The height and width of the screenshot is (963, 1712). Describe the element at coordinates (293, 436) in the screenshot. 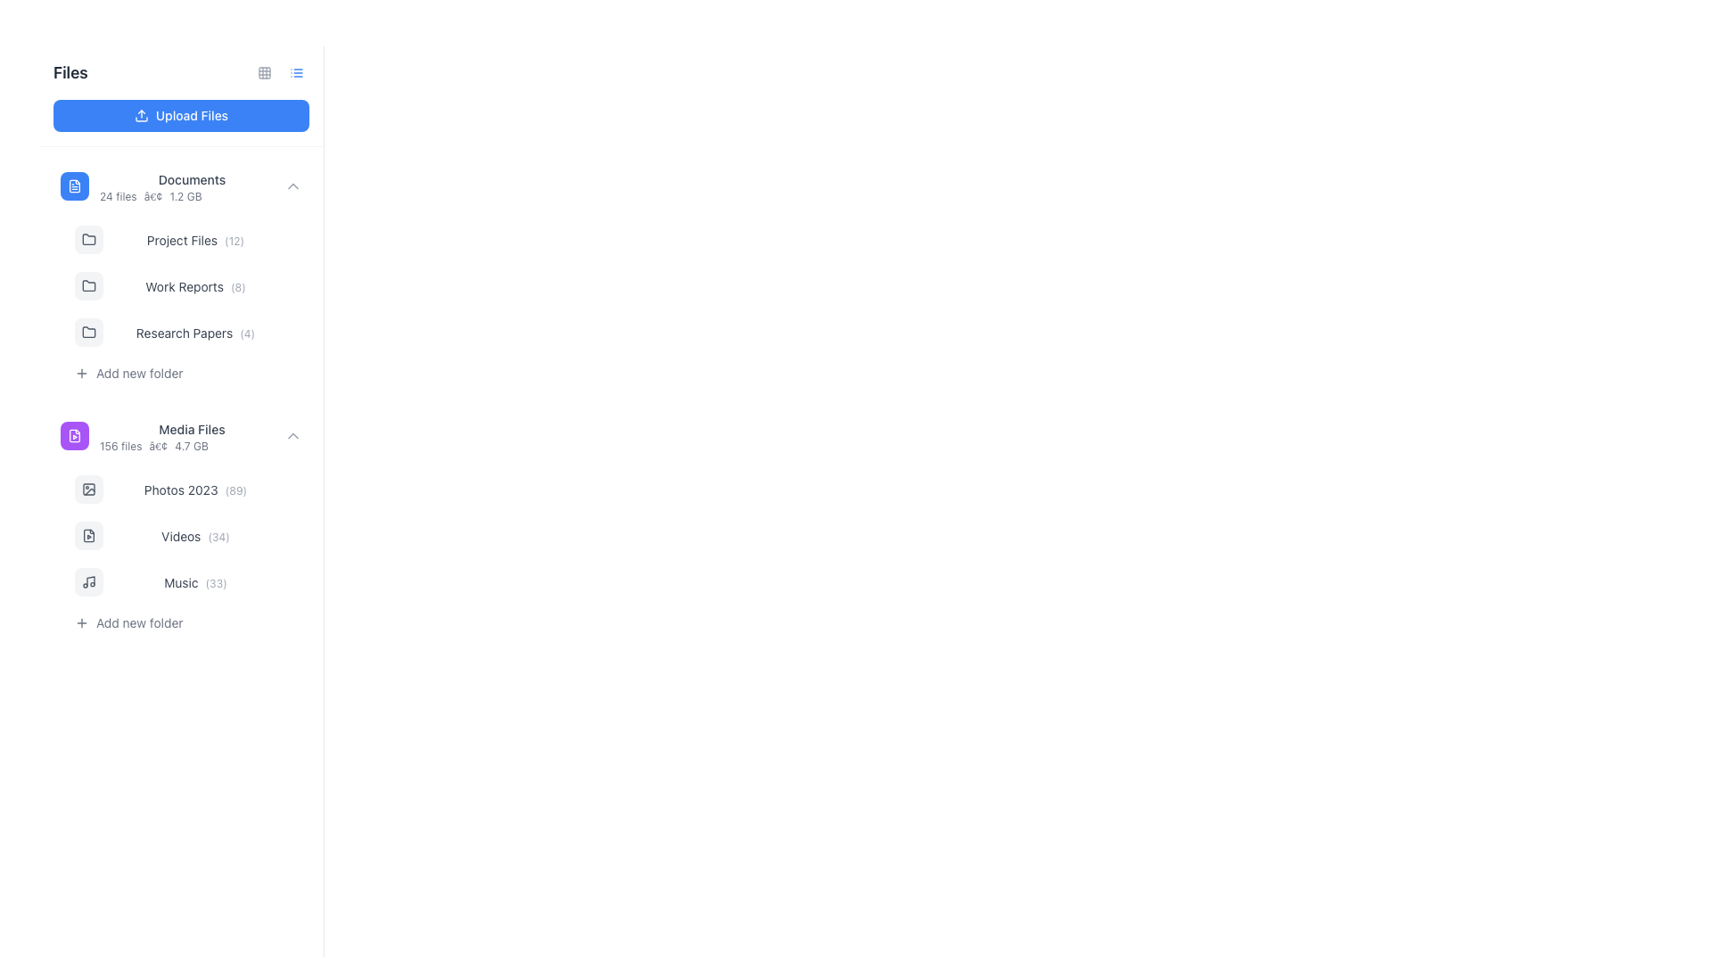

I see `the Chevron Icon (Toggle Indicator) at the rightmost position of the 'Media Files' row` at that location.